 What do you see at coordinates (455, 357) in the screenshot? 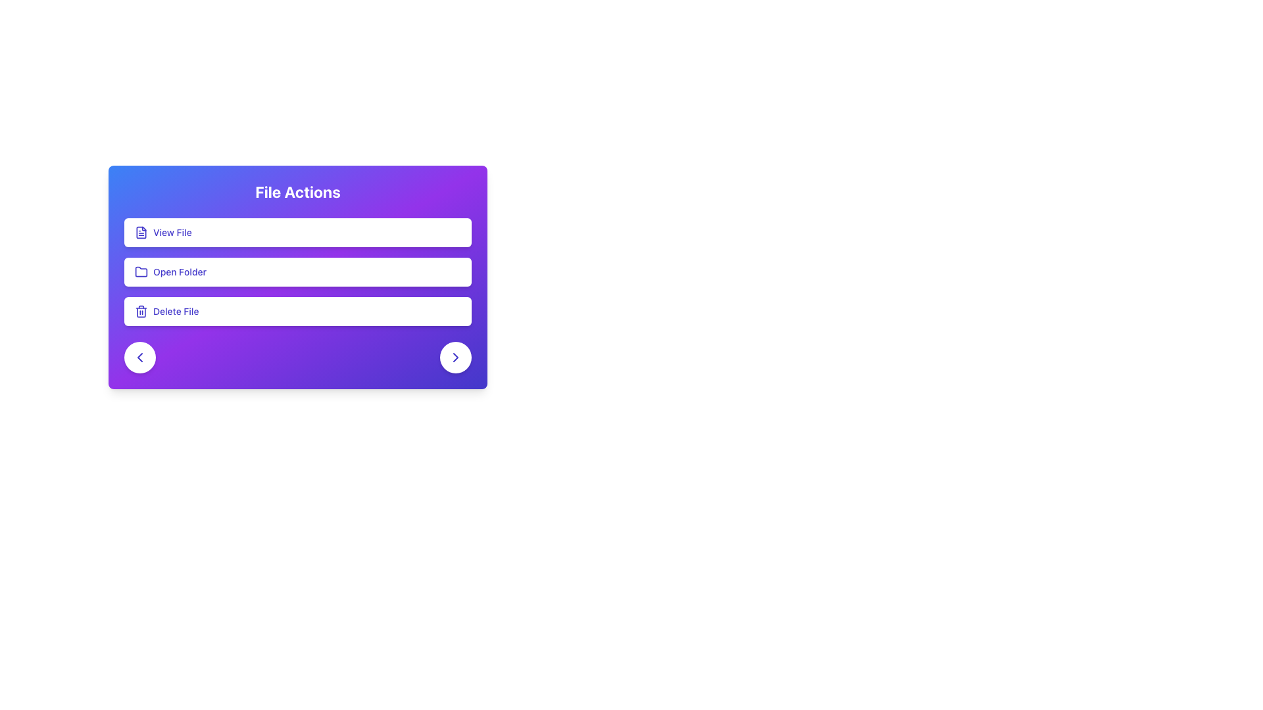
I see `the circular navigation button located at the bottom right corner of the 'File Actions' card interface` at bounding box center [455, 357].